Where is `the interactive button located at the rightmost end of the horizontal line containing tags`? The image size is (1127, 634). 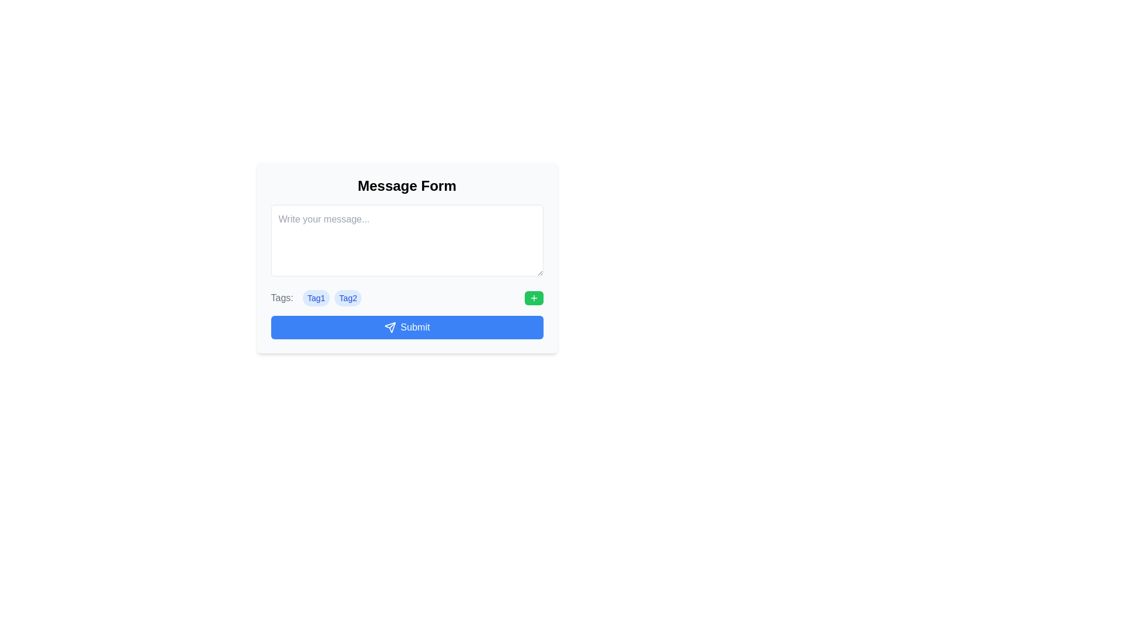
the interactive button located at the rightmost end of the horizontal line containing tags is located at coordinates (533, 298).